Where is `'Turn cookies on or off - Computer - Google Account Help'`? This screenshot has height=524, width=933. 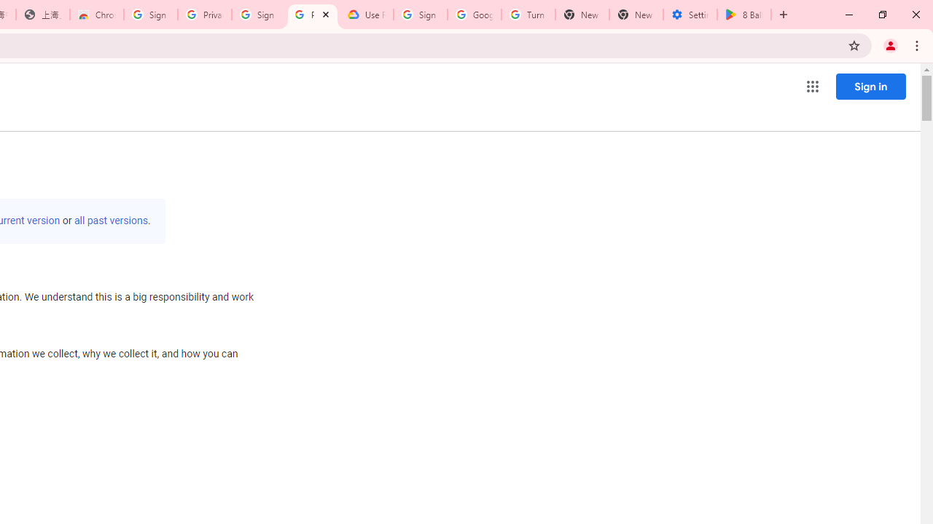 'Turn cookies on or off - Computer - Google Account Help' is located at coordinates (527, 15).